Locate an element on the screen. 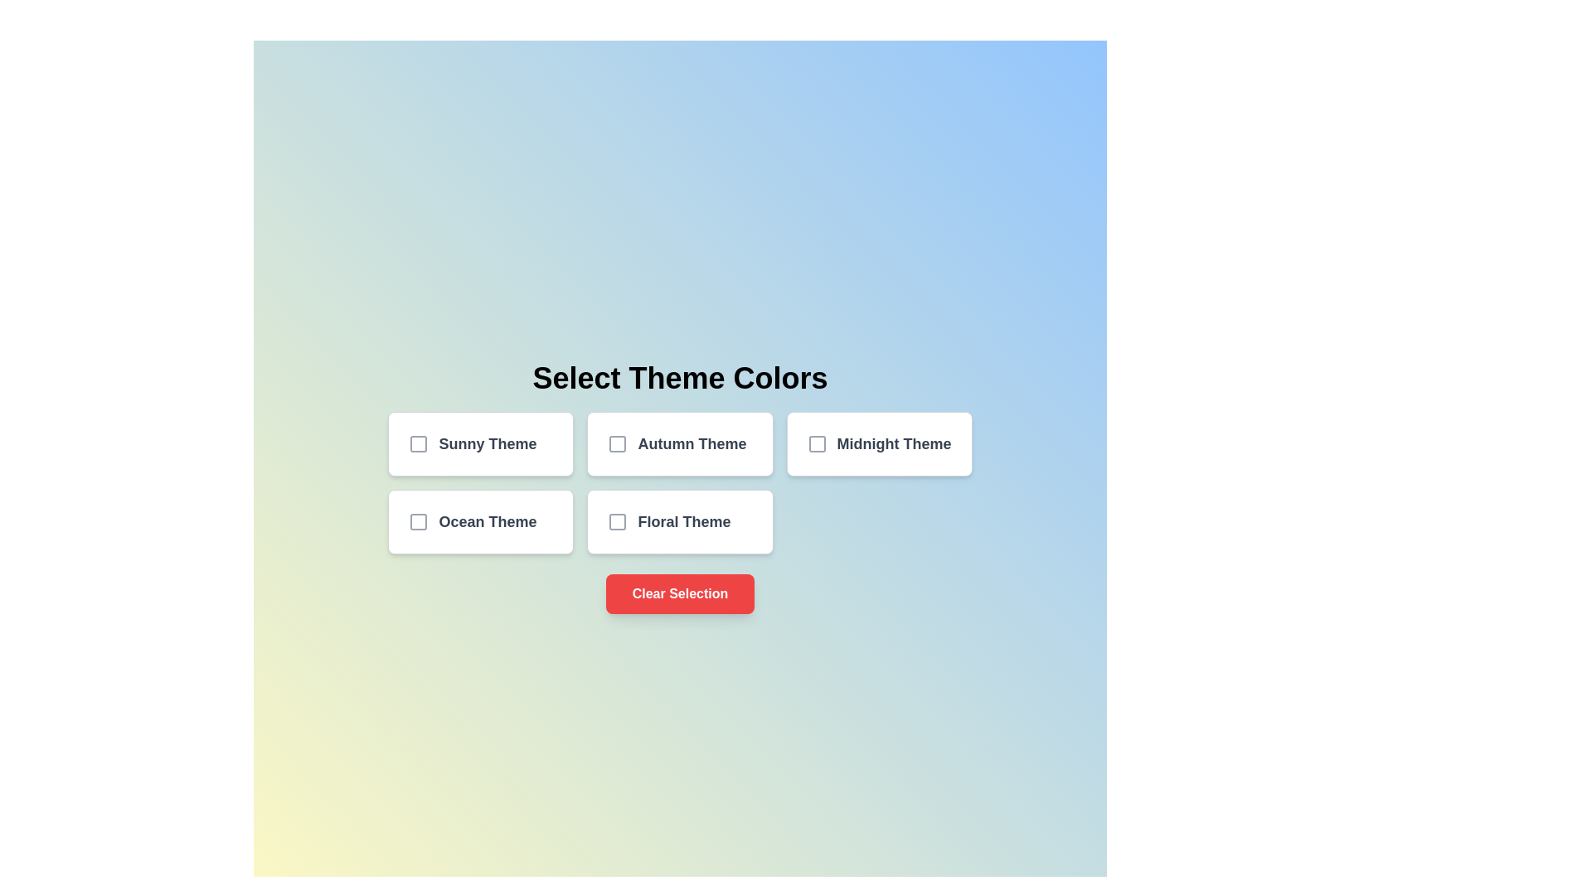 The height and width of the screenshot is (895, 1592). the card corresponding to the Sunny theme is located at coordinates (480, 443).